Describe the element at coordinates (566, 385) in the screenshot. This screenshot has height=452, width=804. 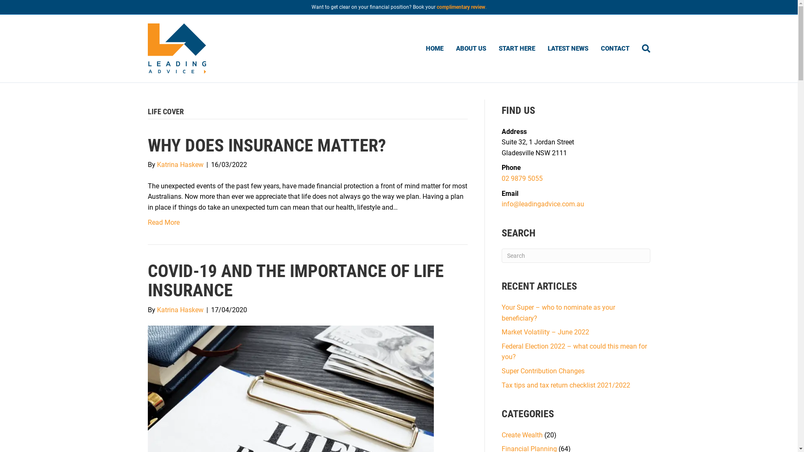
I see `'Tax tips and tax return checklist 2021/2022'` at that location.